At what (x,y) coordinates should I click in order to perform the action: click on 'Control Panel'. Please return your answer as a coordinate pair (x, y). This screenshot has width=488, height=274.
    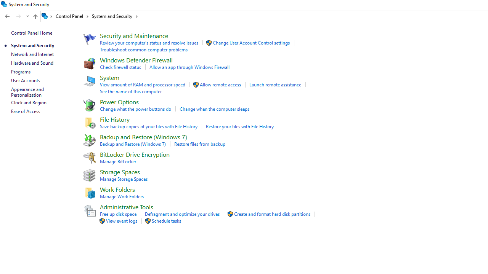
    Looking at the image, I should click on (72, 16).